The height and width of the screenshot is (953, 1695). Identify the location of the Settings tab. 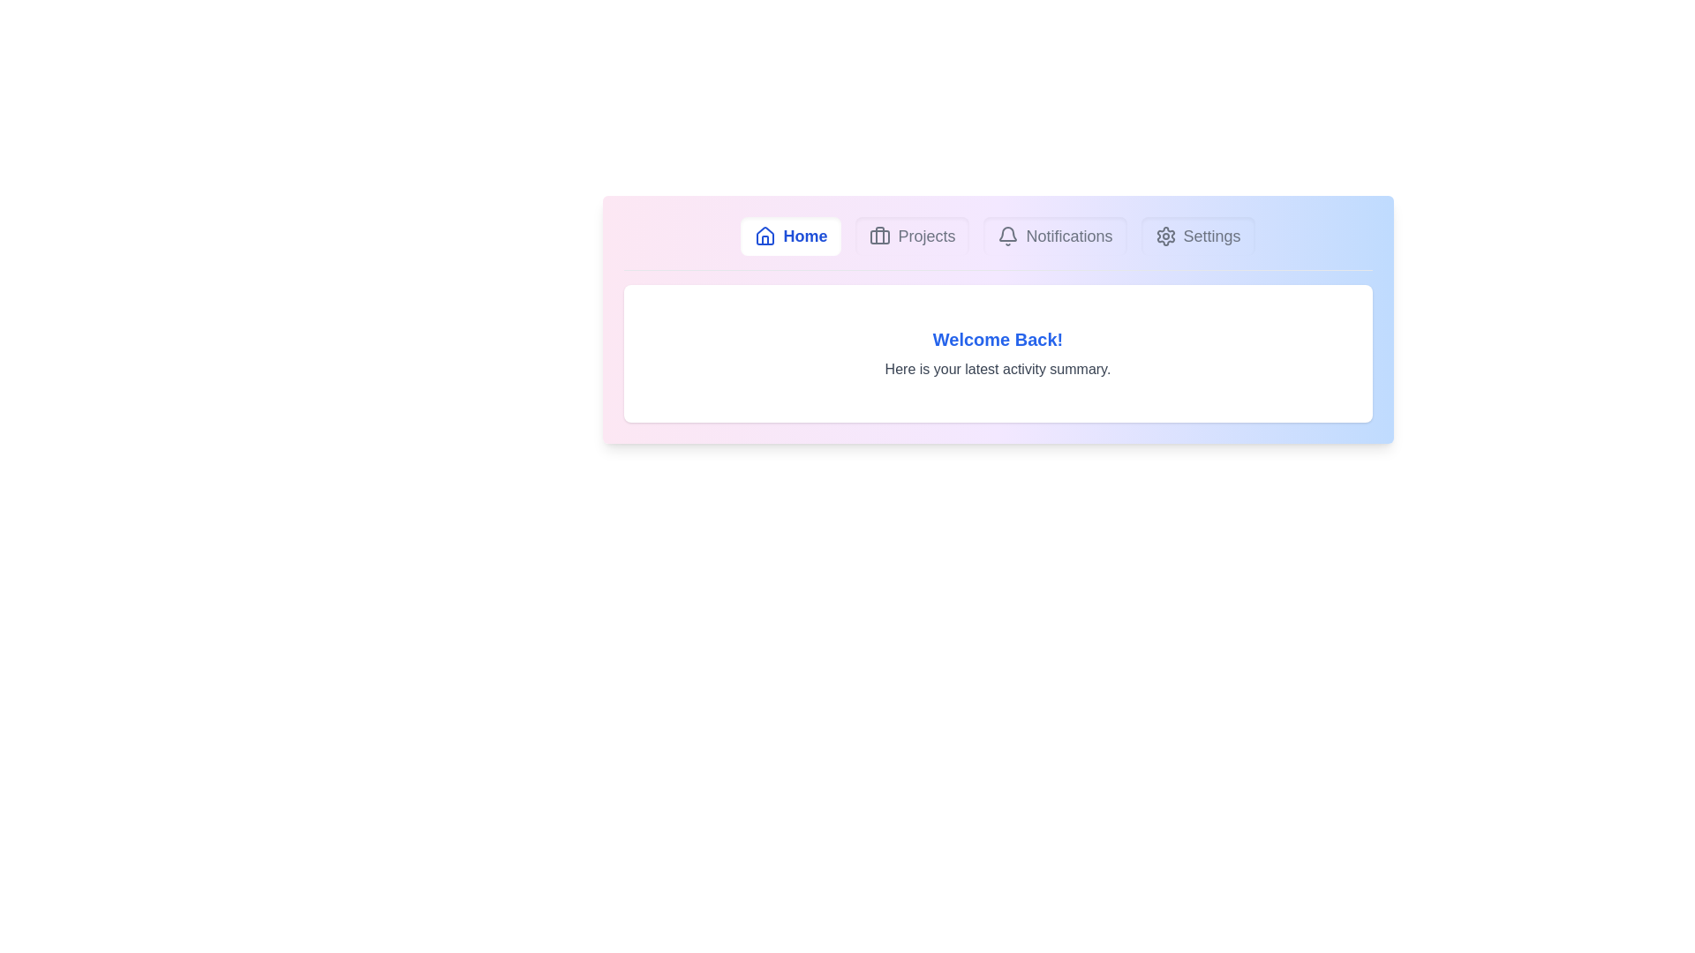
(1198, 235).